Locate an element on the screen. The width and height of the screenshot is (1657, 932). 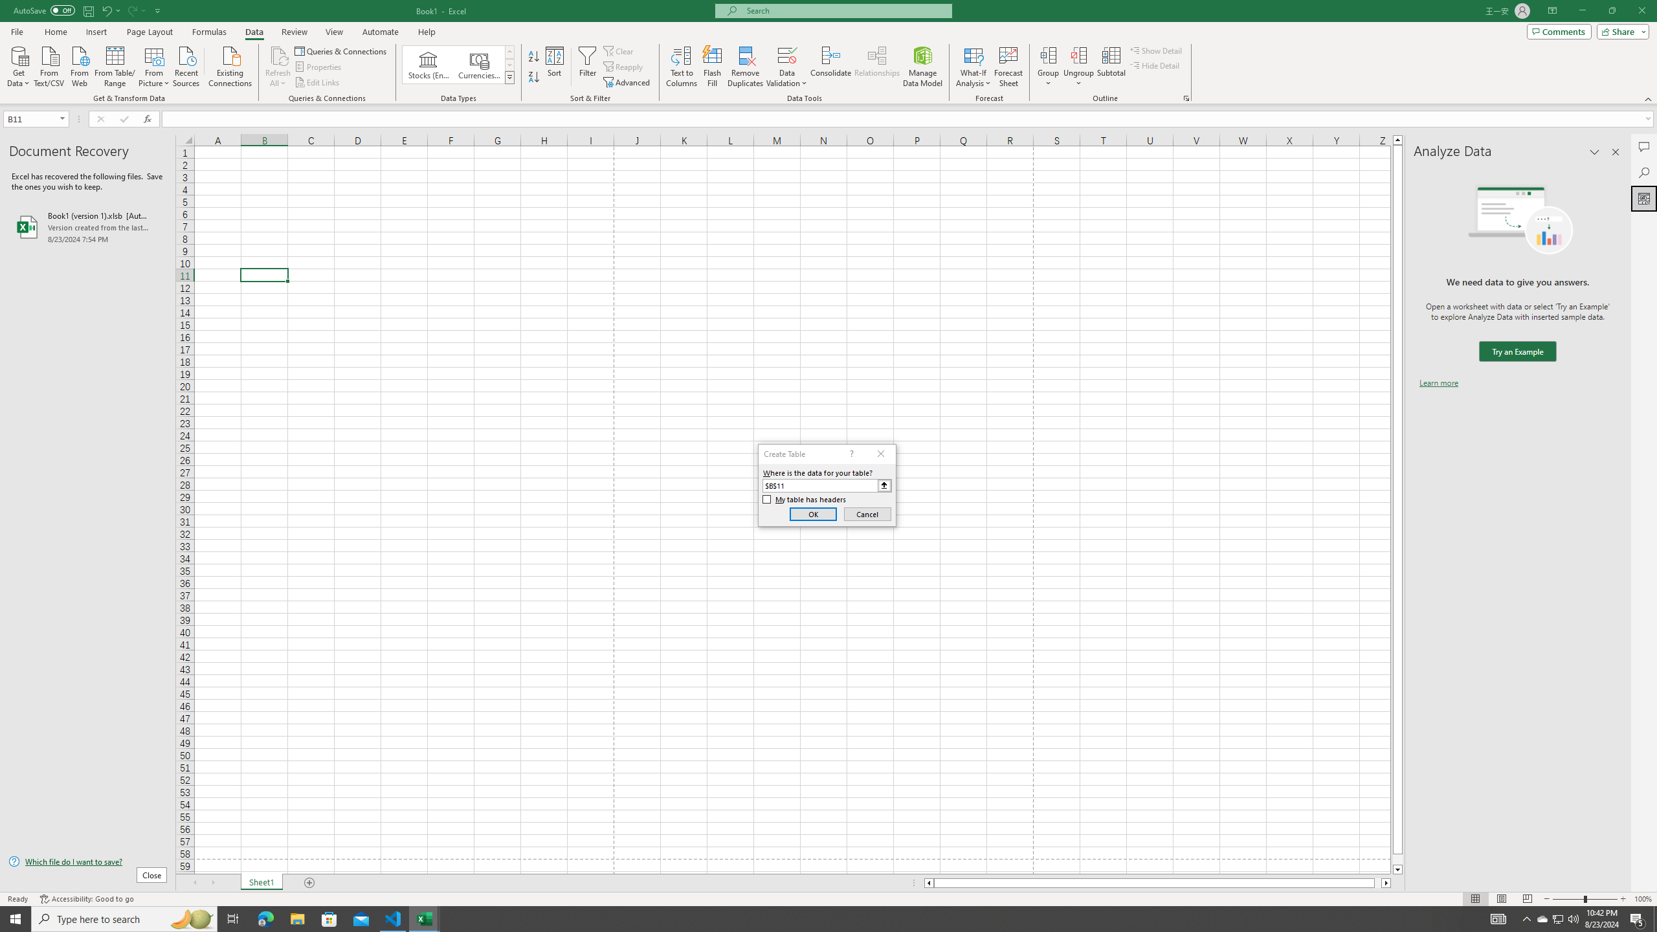
'Column left' is located at coordinates (928, 882).